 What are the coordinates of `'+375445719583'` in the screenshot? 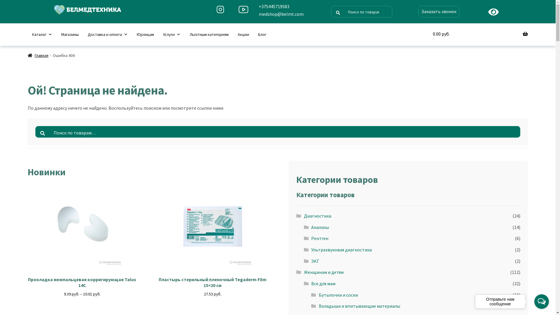 It's located at (281, 7).